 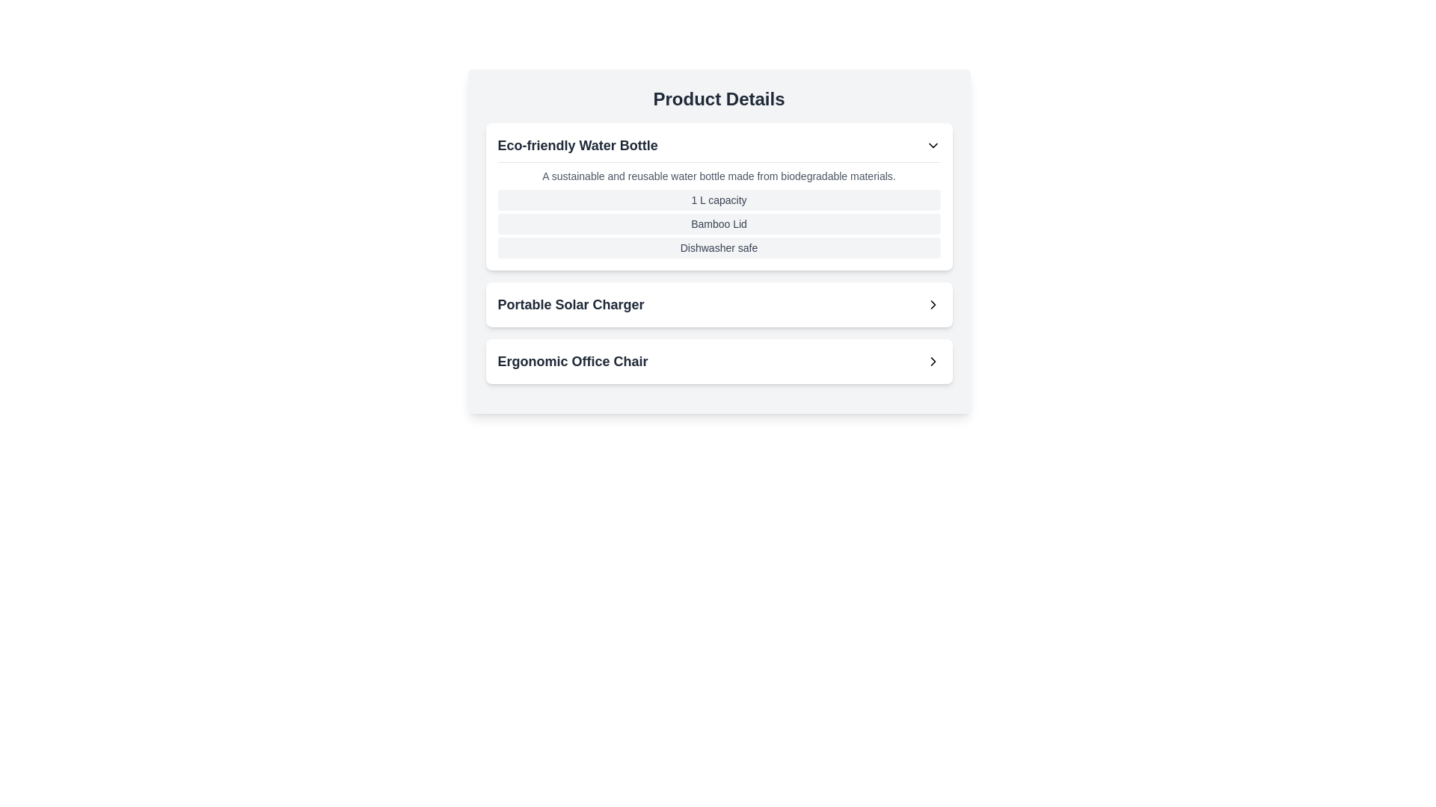 I want to click on text 'Bamboo Lid' displayed in a small, gray font within the 'Product Details' section under 'Eco-friendly Water Bottle', so click(x=719, y=224).